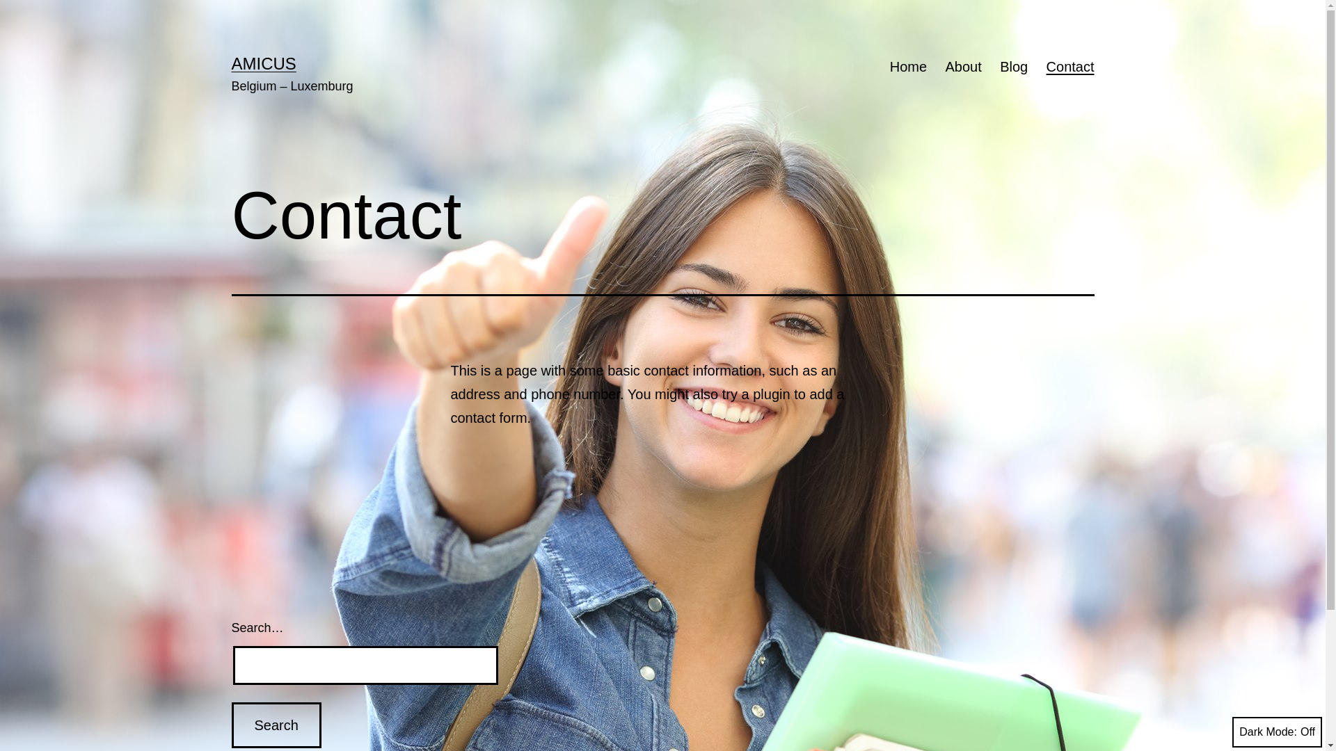  Describe the element at coordinates (962, 67) in the screenshot. I see `'About'` at that location.